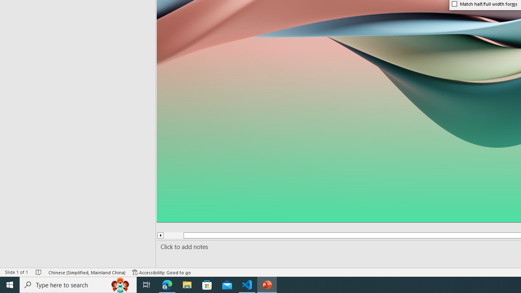  What do you see at coordinates (485, 4) in the screenshot?
I see `'Match half/full width forms'` at bounding box center [485, 4].